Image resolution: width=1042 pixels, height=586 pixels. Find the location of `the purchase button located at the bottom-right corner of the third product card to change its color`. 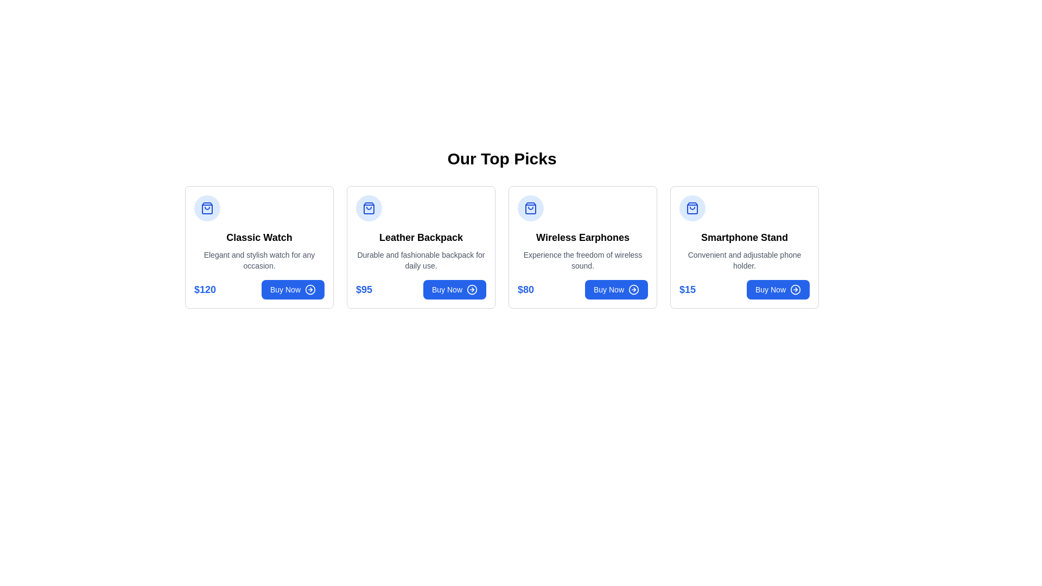

the purchase button located at the bottom-right corner of the third product card to change its color is located at coordinates (617, 289).